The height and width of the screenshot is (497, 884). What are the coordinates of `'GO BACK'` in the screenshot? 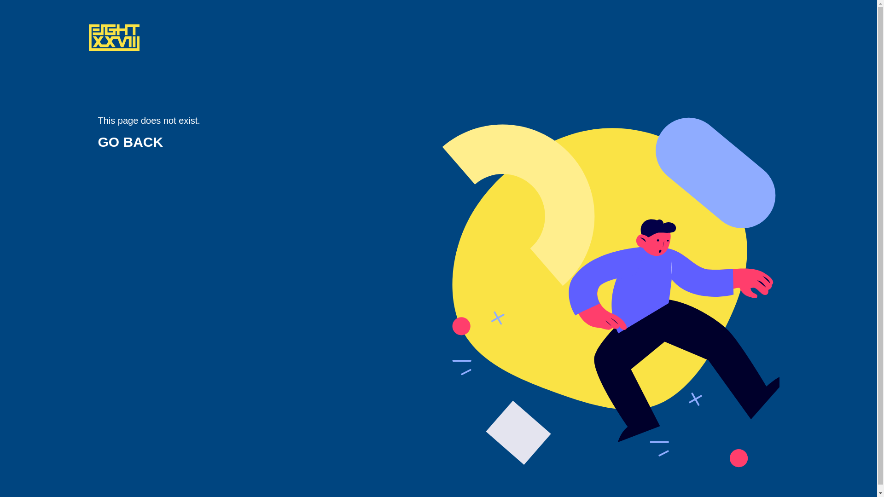 It's located at (130, 142).